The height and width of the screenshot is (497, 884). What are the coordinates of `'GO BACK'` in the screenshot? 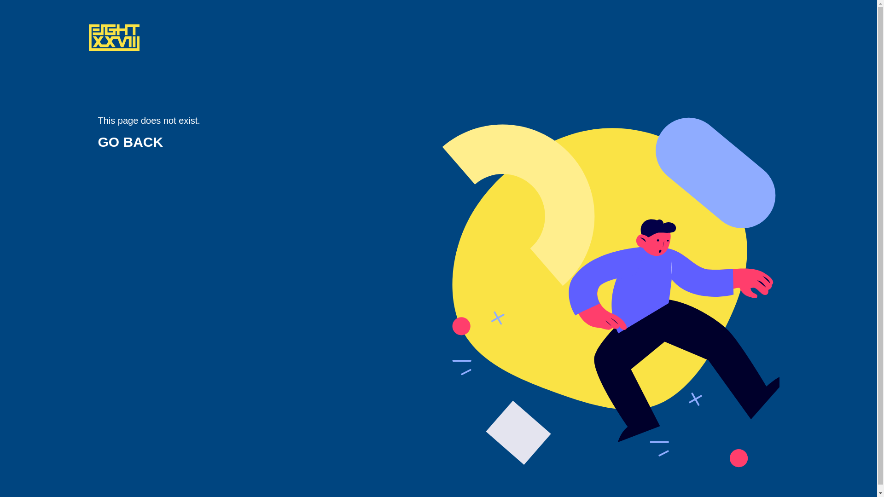 It's located at (130, 142).